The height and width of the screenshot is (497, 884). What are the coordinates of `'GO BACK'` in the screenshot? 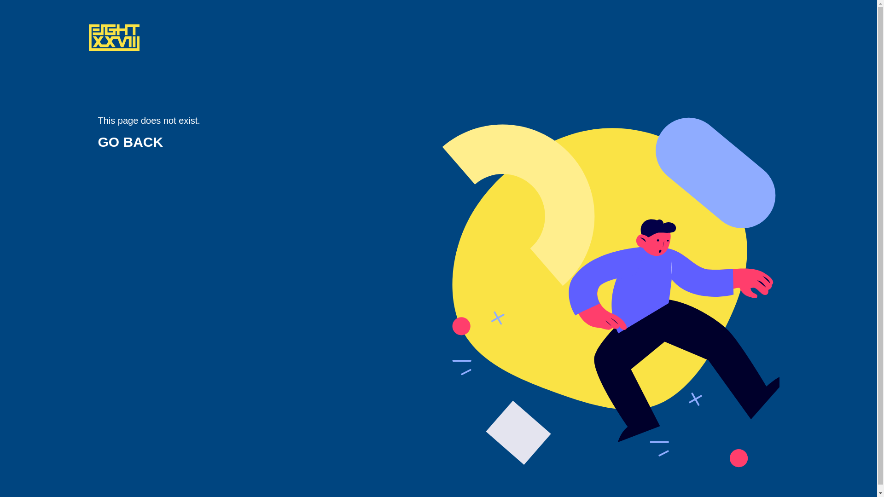 It's located at (130, 142).